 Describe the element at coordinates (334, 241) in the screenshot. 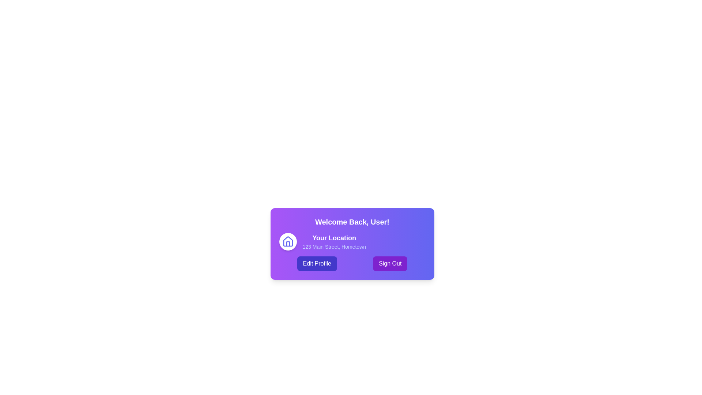

I see `the Text Display Section that indicates the user's current or pre-configured location, which is located in the upper portion of a purple card interface, adjacent to a house icon and above the 'Edit Profile' and 'Sign Out' buttons` at that location.